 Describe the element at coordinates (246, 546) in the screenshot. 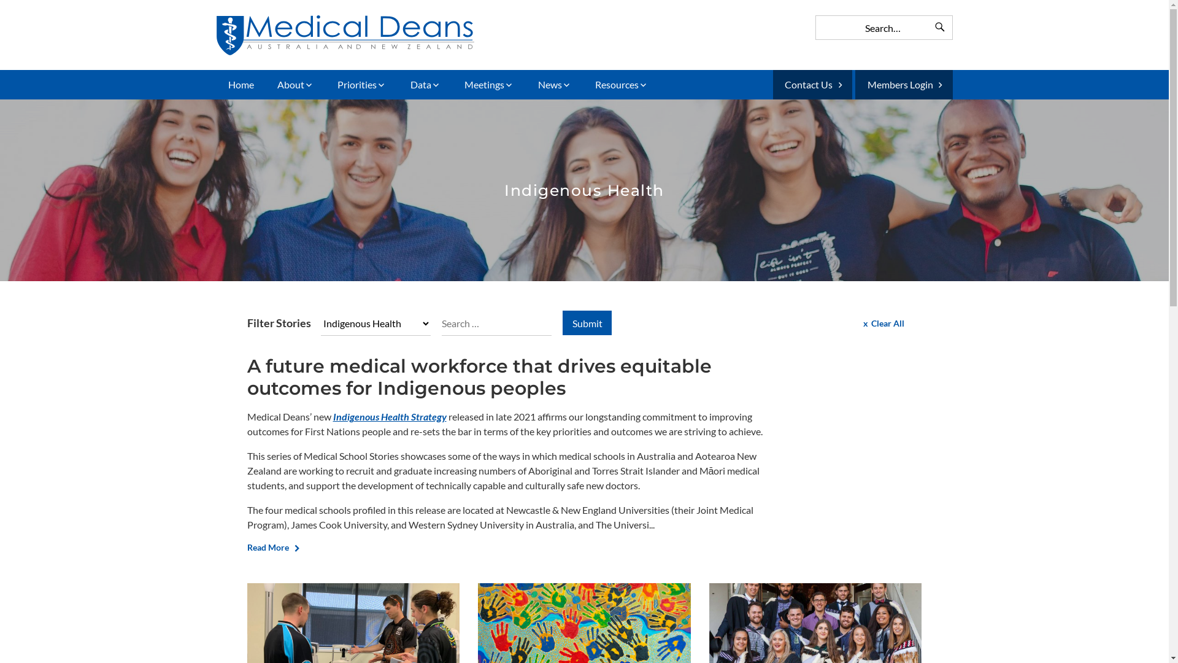

I see `'Read More'` at that location.